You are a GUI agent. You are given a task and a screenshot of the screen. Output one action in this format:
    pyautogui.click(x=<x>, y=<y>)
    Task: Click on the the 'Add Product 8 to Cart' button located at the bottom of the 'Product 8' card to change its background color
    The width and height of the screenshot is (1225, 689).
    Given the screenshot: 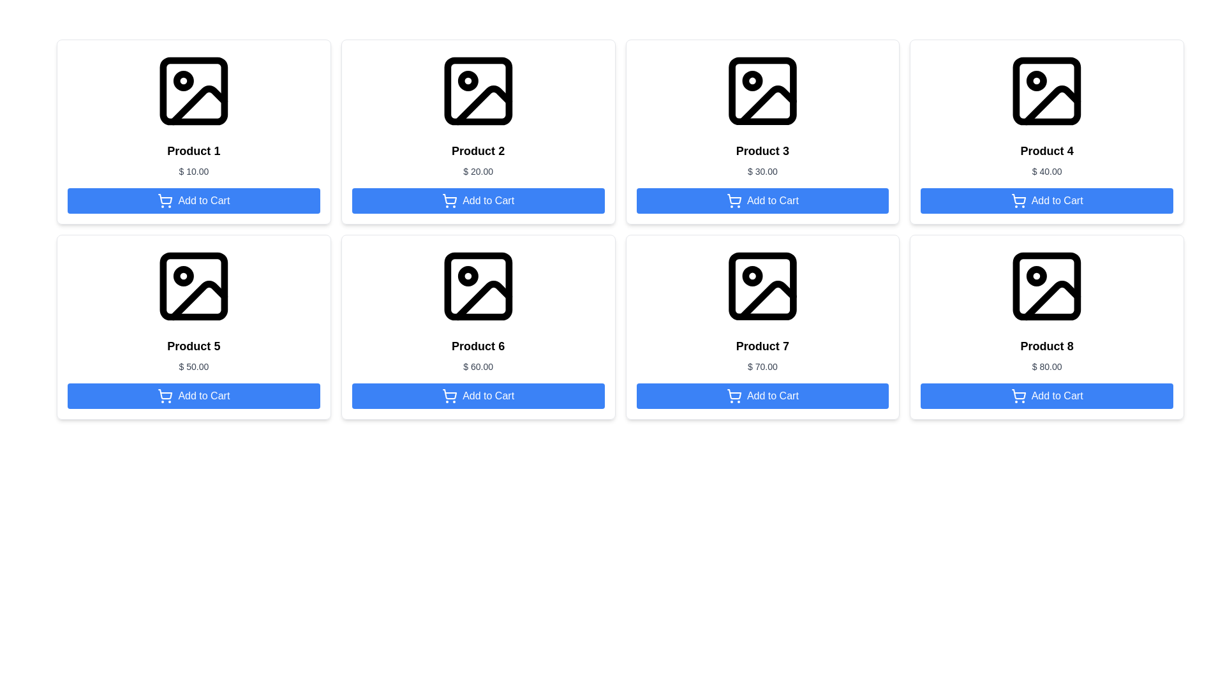 What is the action you would take?
    pyautogui.click(x=1047, y=396)
    